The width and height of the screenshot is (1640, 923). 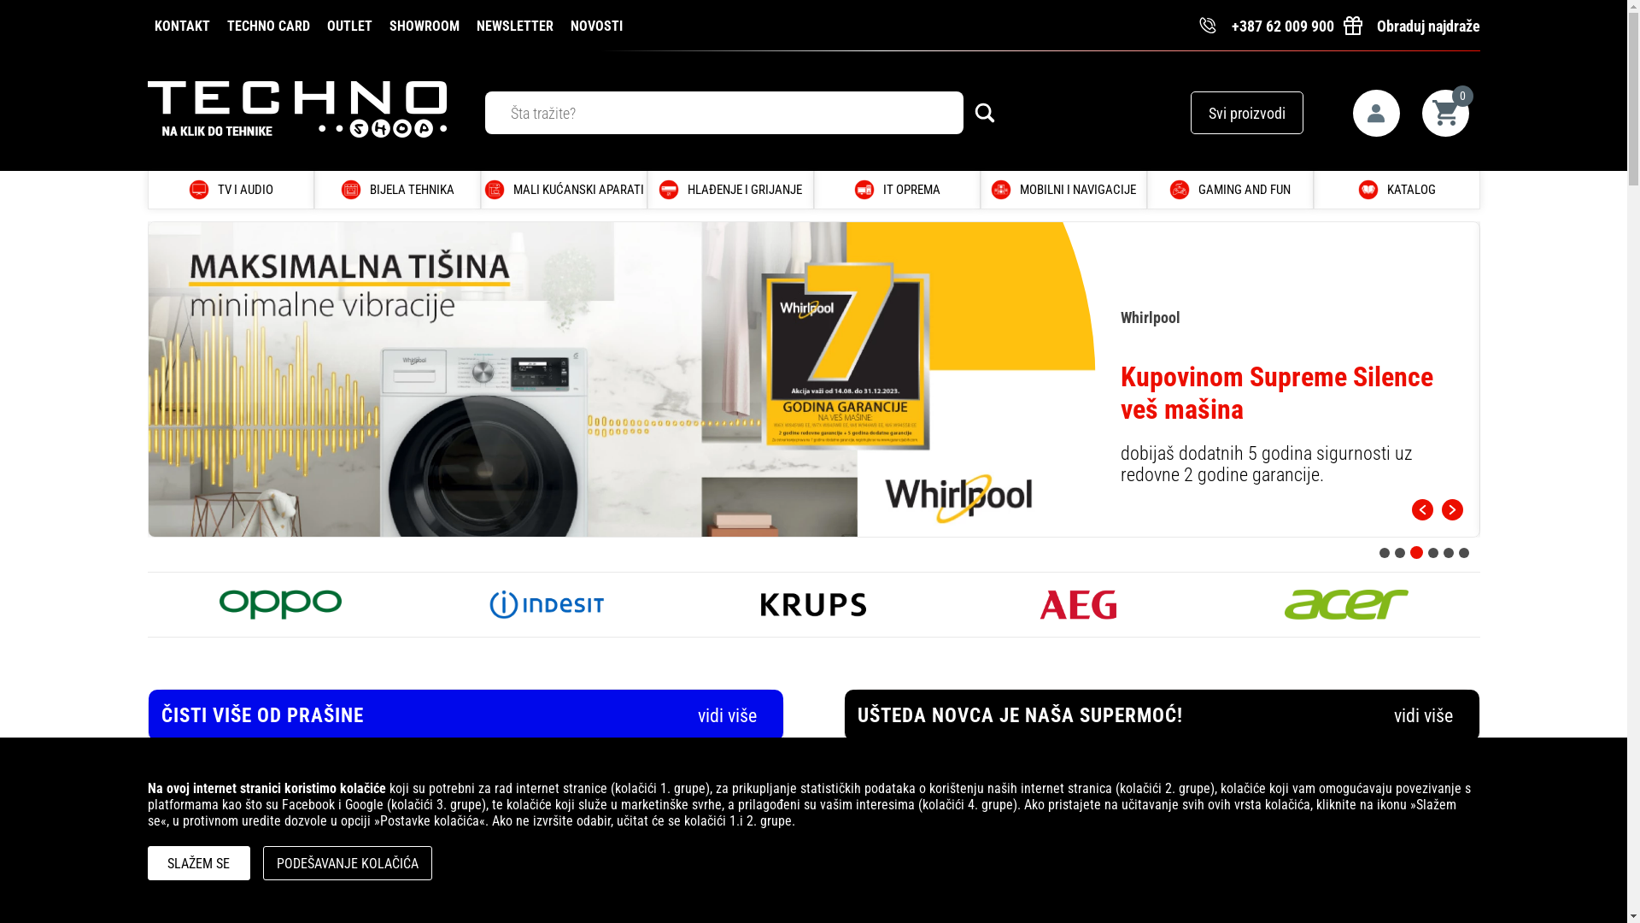 I want to click on 'SHOWROOM', so click(x=425, y=25).